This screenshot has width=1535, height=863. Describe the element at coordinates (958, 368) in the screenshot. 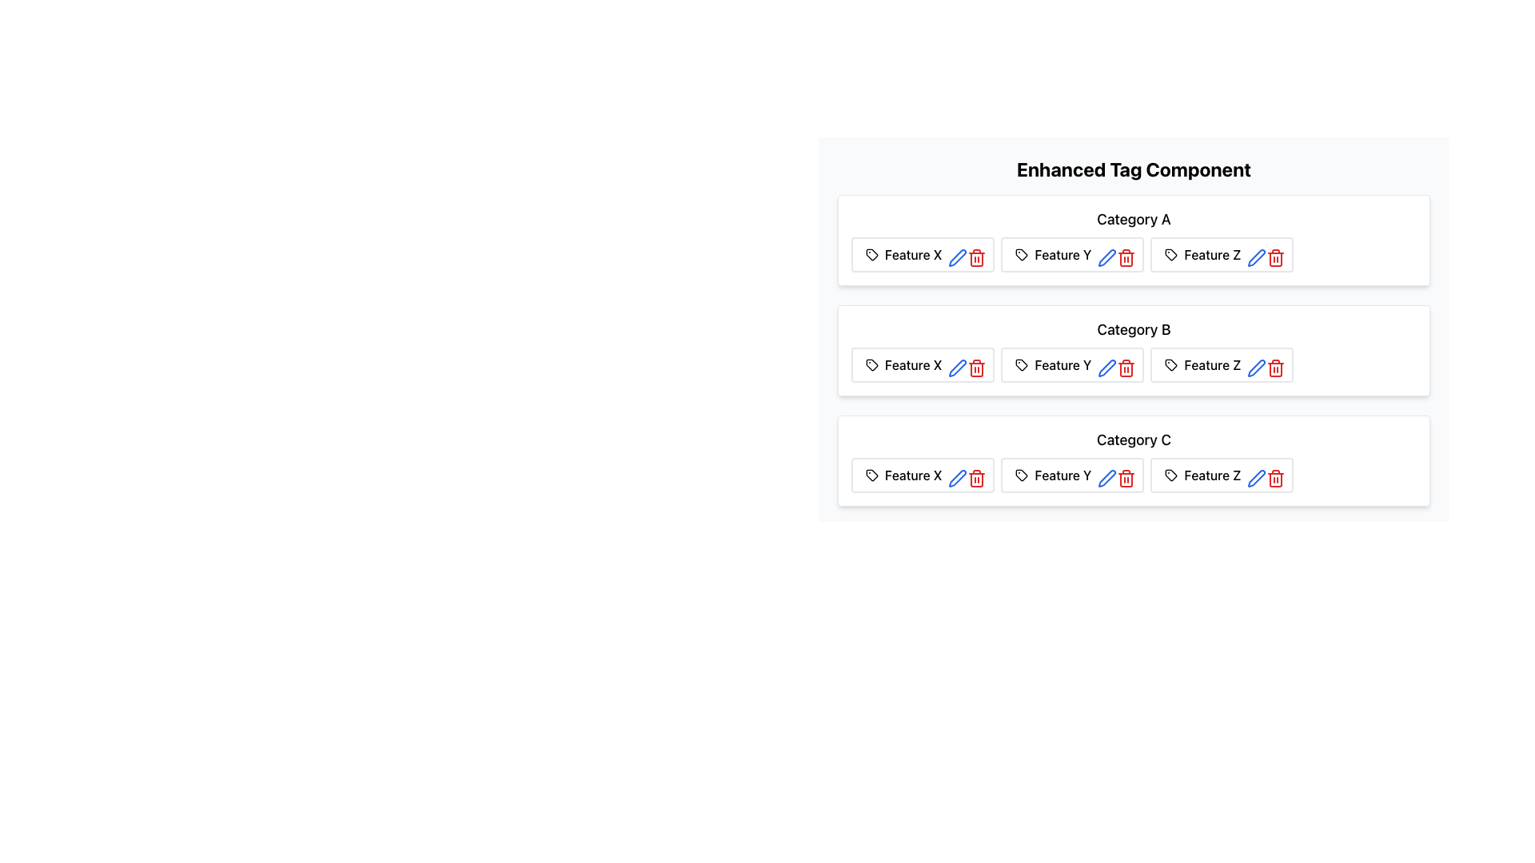

I see `the pen-like icon with a blue outline and white background located next to 'Feature X' in the button group under 'Category B'` at that location.